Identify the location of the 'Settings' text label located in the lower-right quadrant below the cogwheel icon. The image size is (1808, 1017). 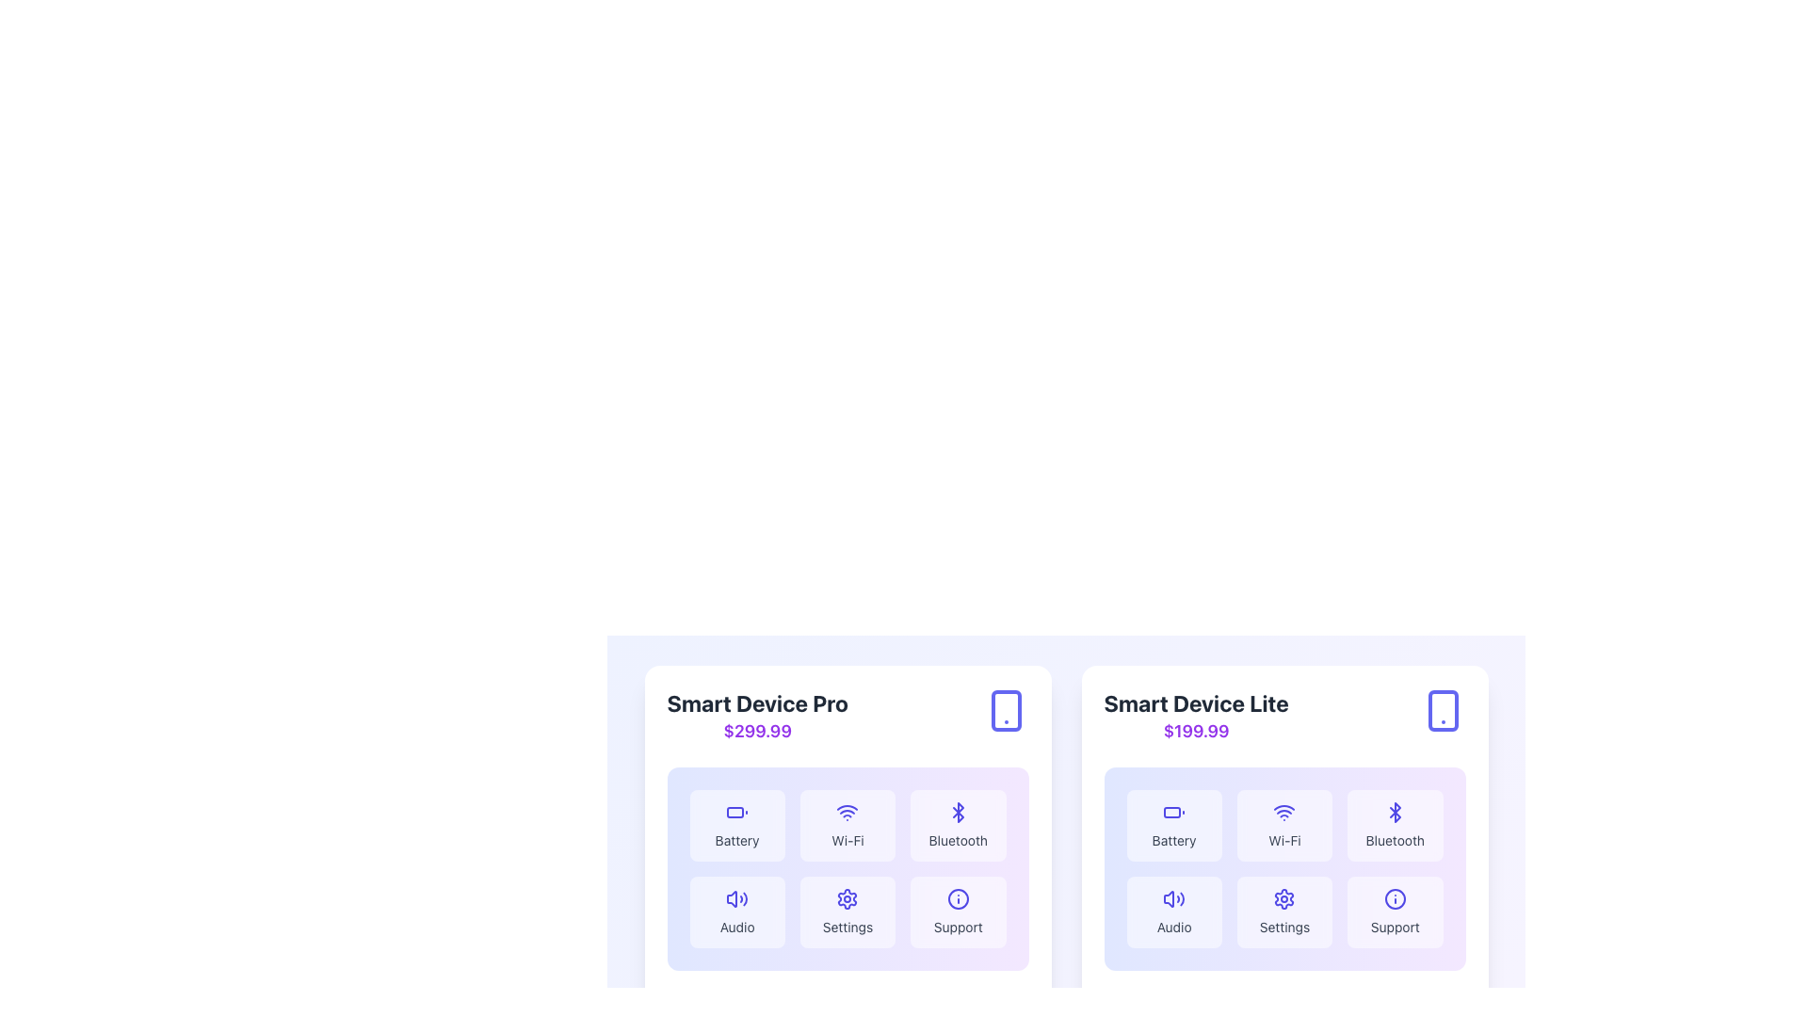
(847, 926).